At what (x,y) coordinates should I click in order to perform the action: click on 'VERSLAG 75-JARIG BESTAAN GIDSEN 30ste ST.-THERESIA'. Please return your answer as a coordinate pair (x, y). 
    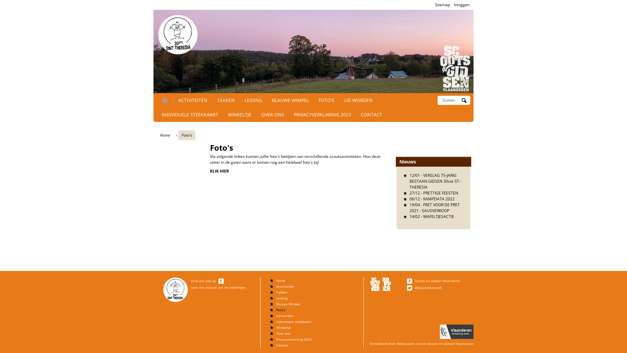
    Looking at the image, I should click on (435, 181).